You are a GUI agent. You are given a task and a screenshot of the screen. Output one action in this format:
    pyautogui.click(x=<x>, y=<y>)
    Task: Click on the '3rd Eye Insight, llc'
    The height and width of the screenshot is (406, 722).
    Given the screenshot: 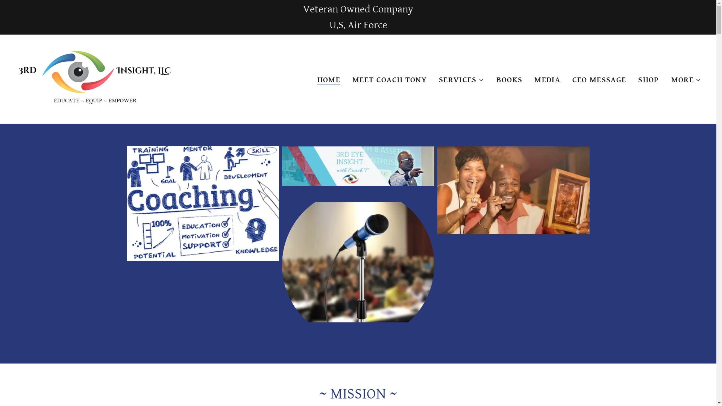 What is the action you would take?
    pyautogui.click(x=95, y=78)
    